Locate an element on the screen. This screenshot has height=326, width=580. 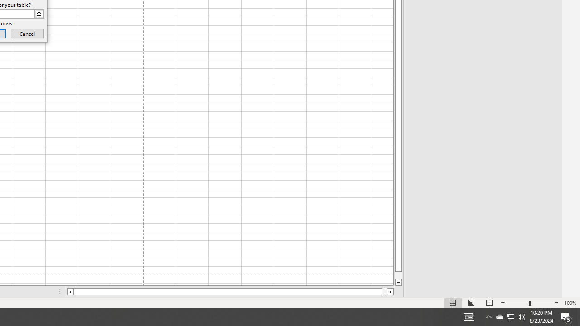
'Column right' is located at coordinates (391, 292).